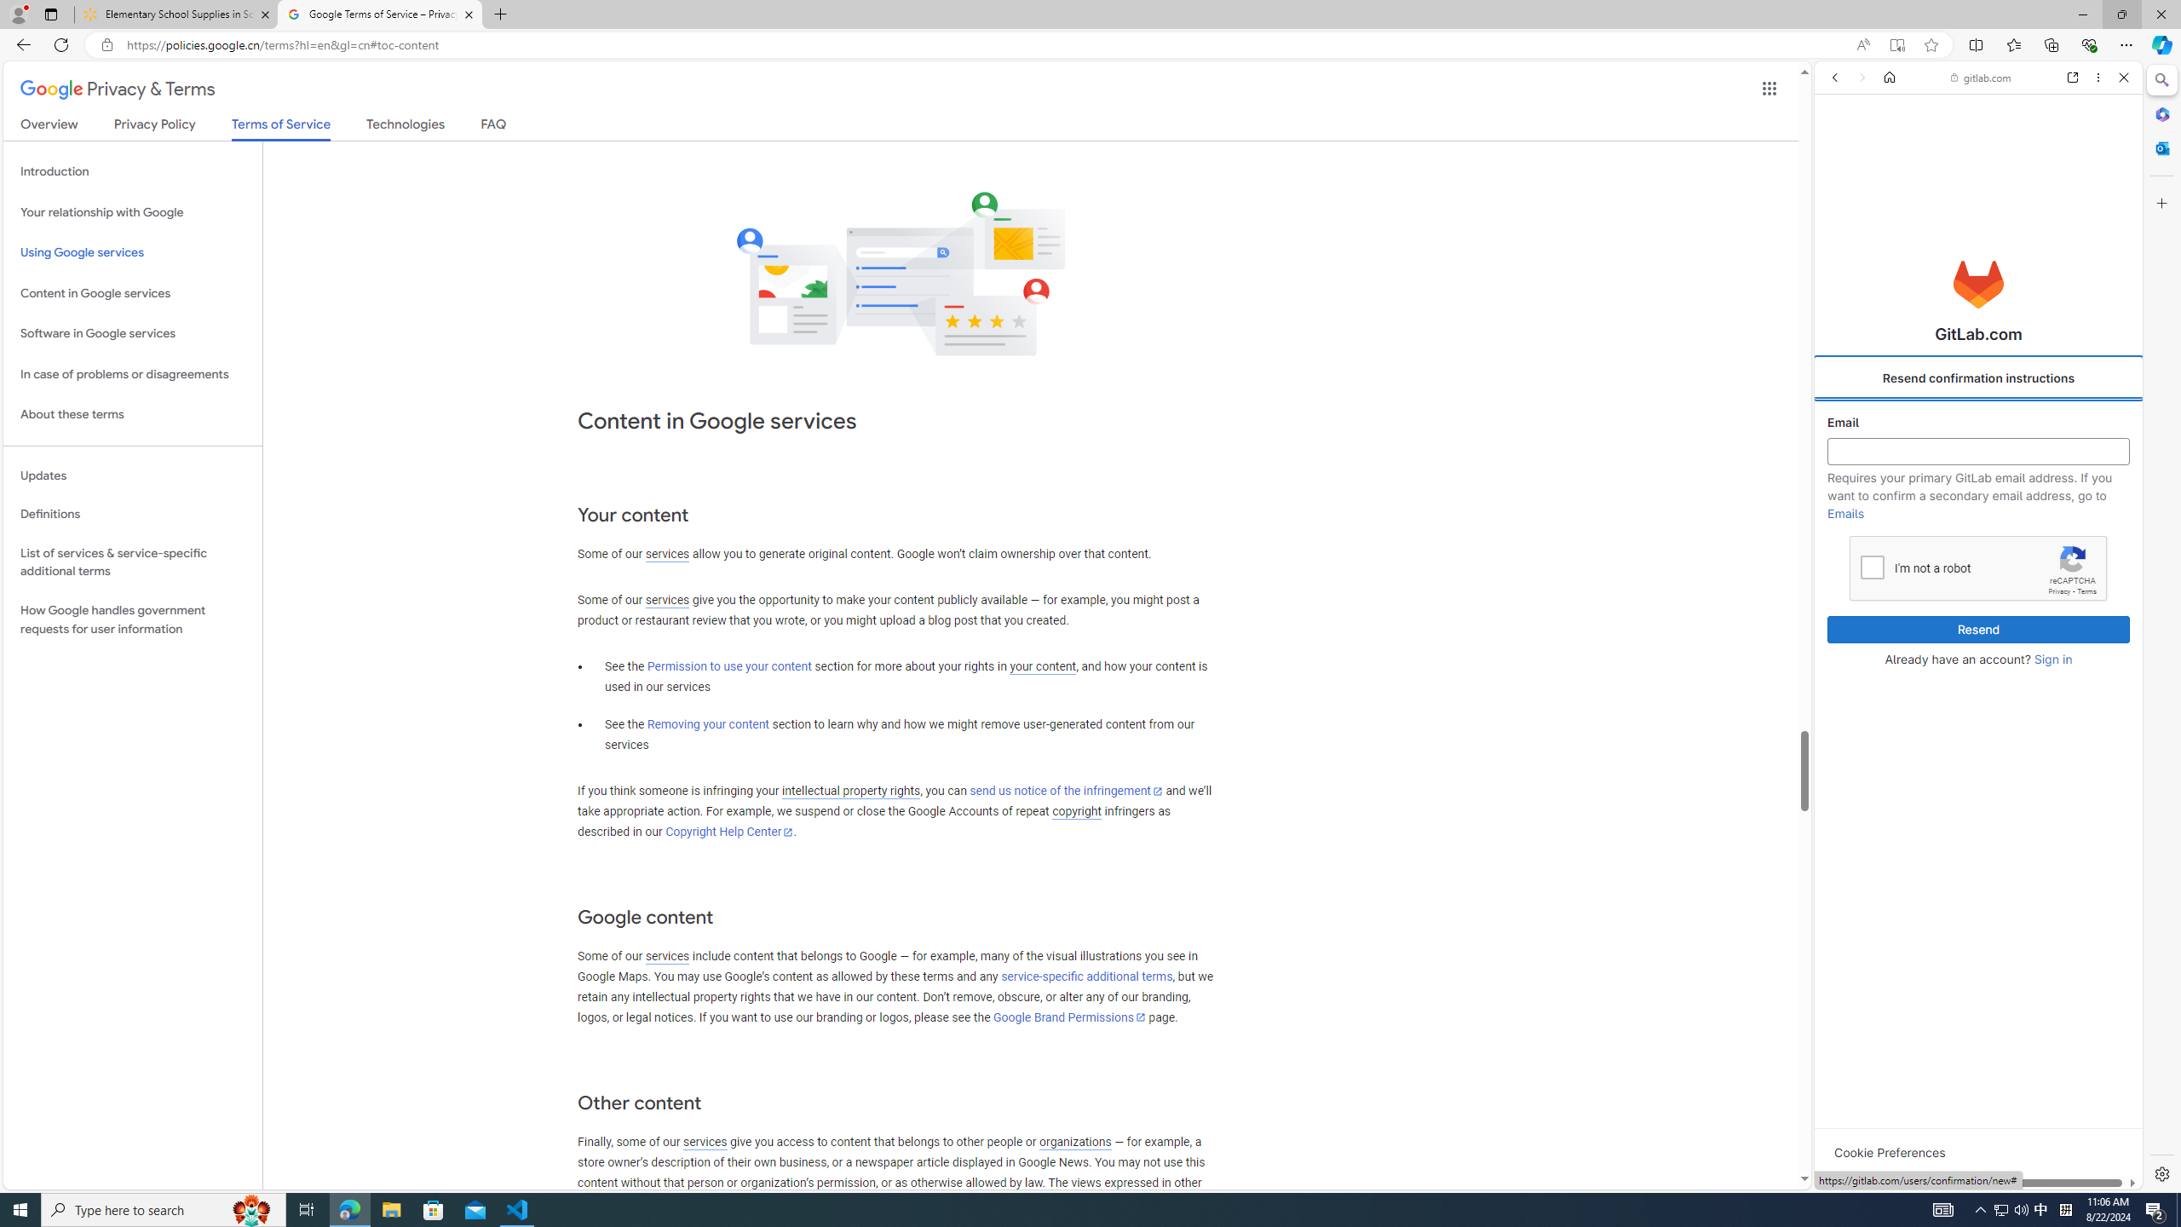 This screenshot has width=2181, height=1227. What do you see at coordinates (1872, 567) in the screenshot?
I see `'I'` at bounding box center [1872, 567].